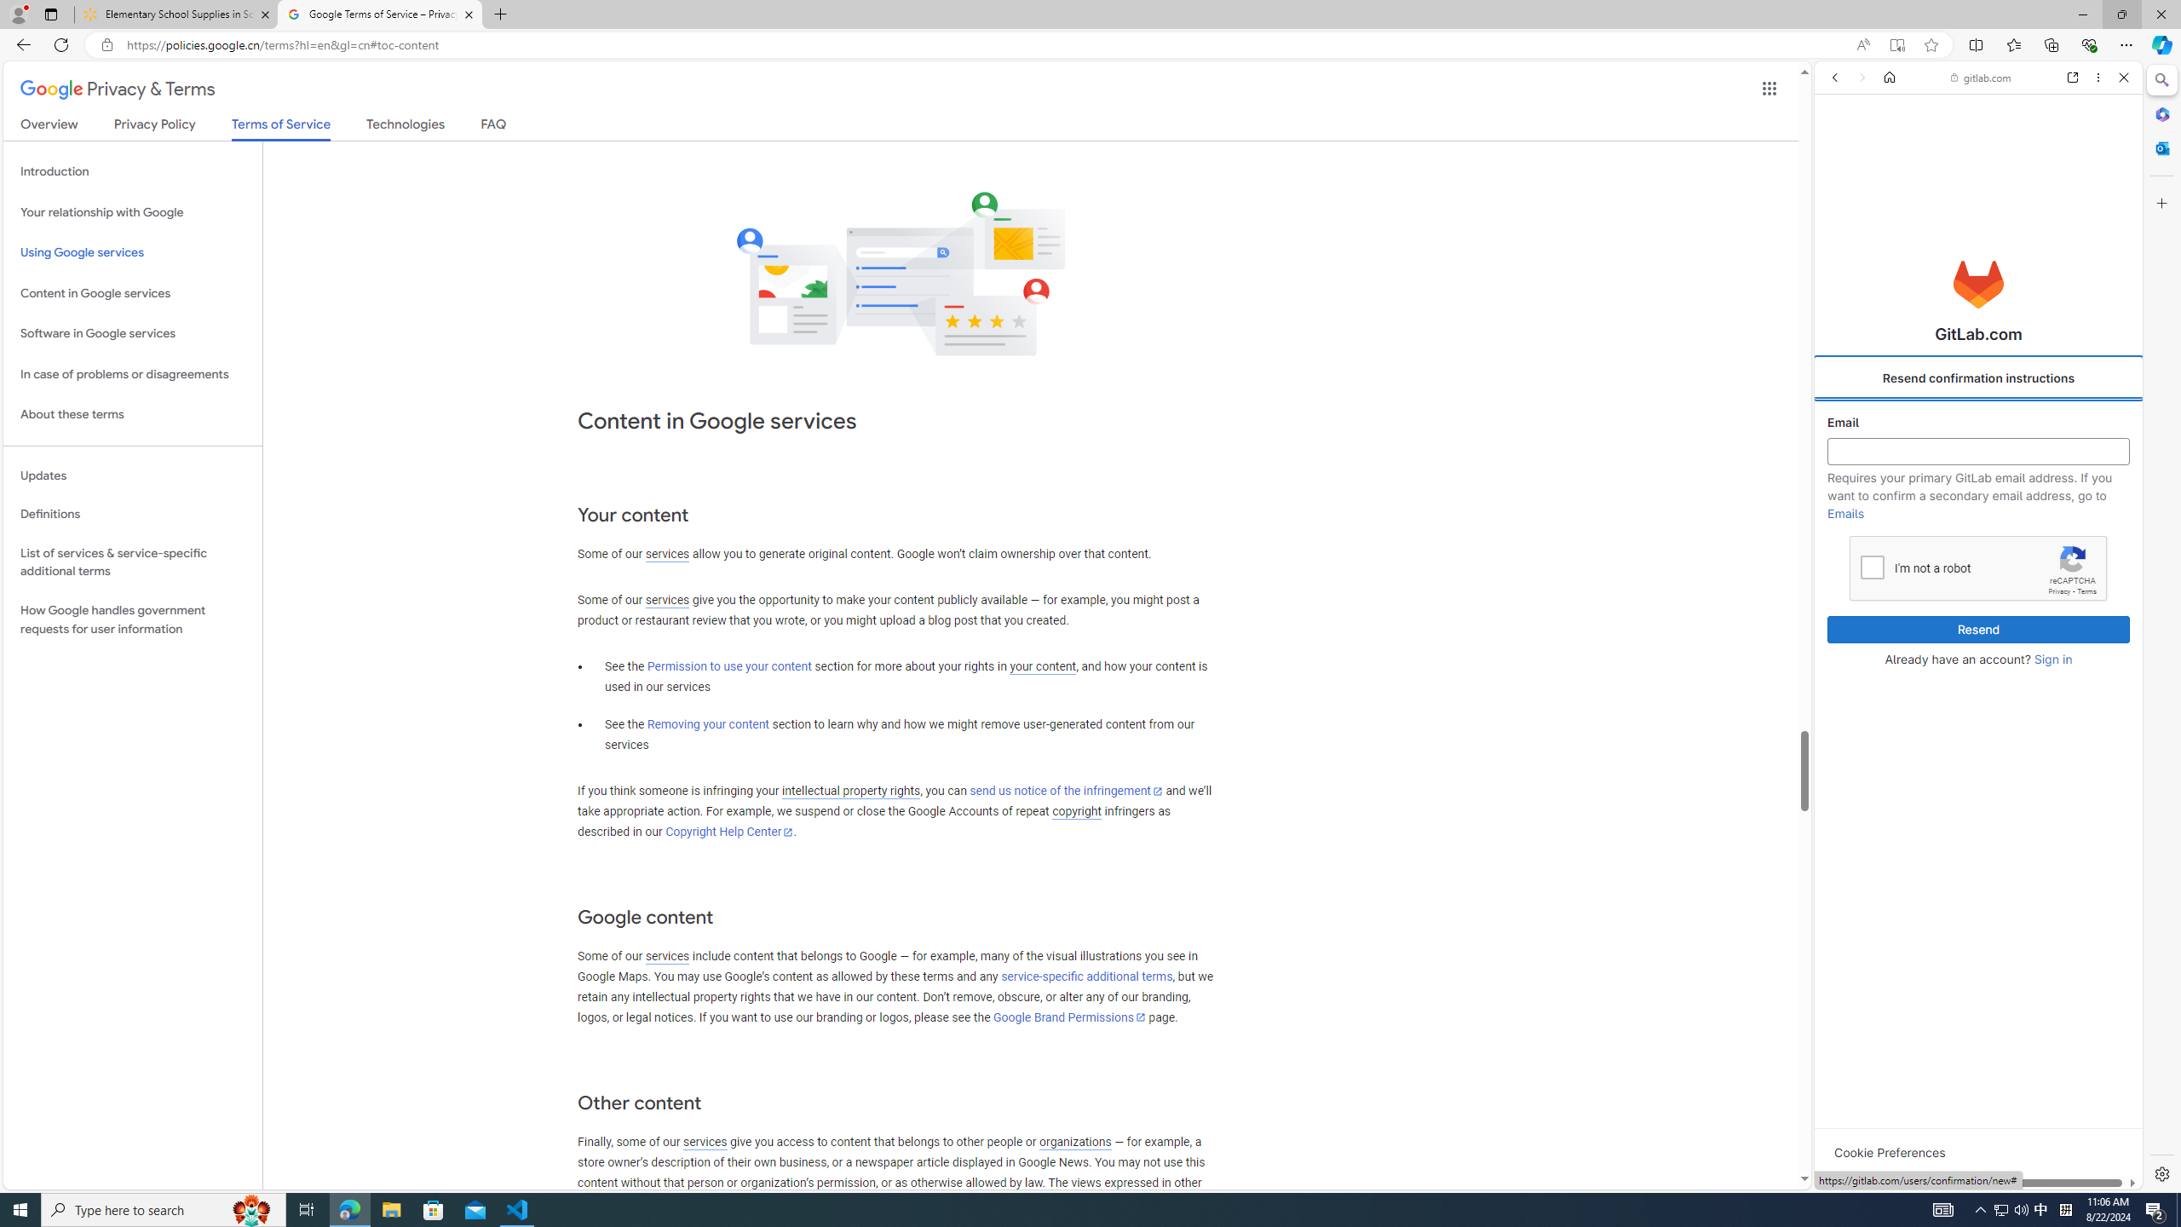 This screenshot has width=2181, height=1227. What do you see at coordinates (1872, 567) in the screenshot?
I see `'I'` at bounding box center [1872, 567].